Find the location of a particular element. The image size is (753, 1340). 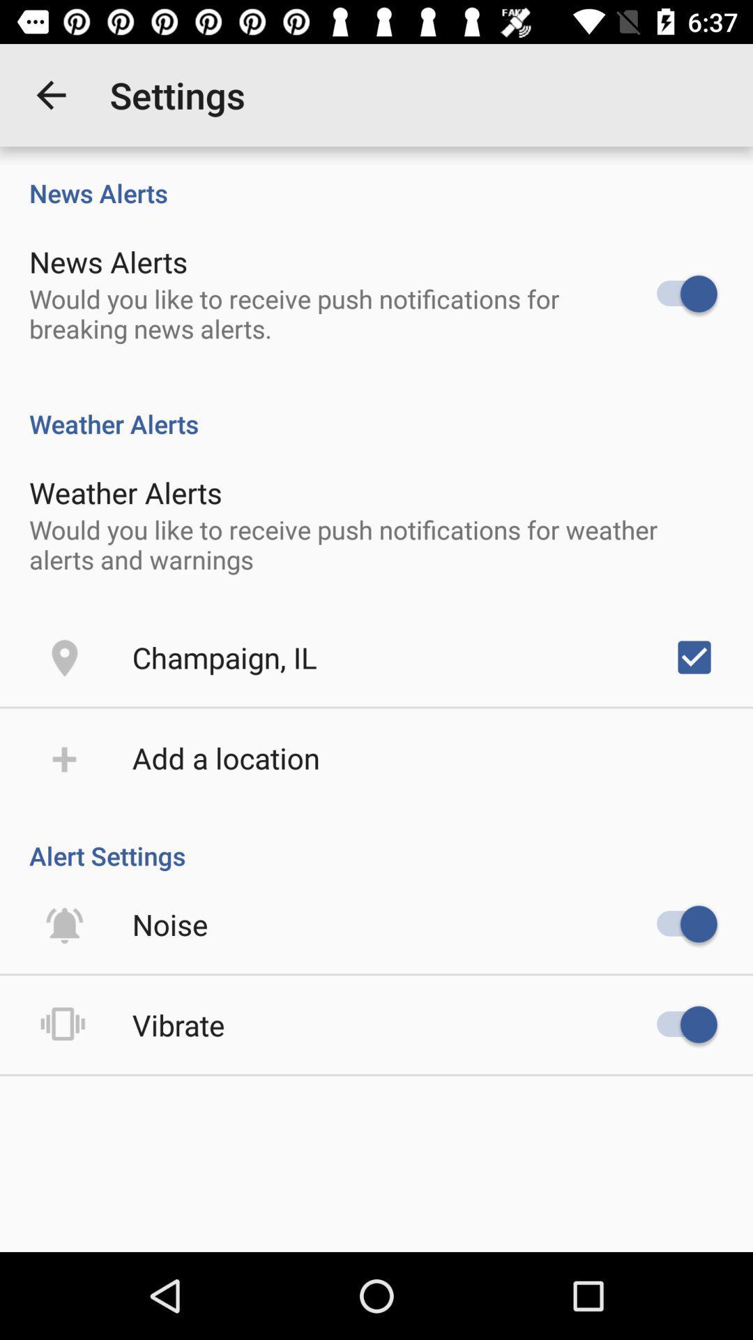

noise item is located at coordinates (169, 924).